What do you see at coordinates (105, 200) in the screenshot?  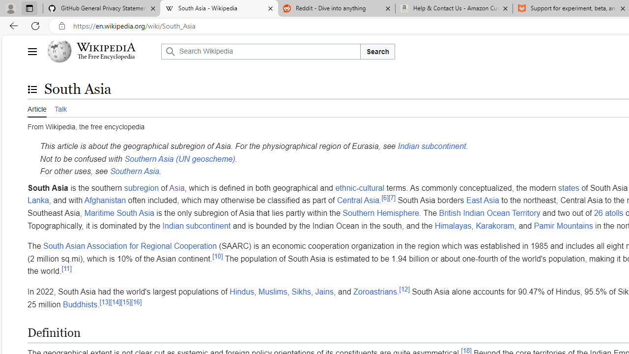 I see `'Afghanistan'` at bounding box center [105, 200].